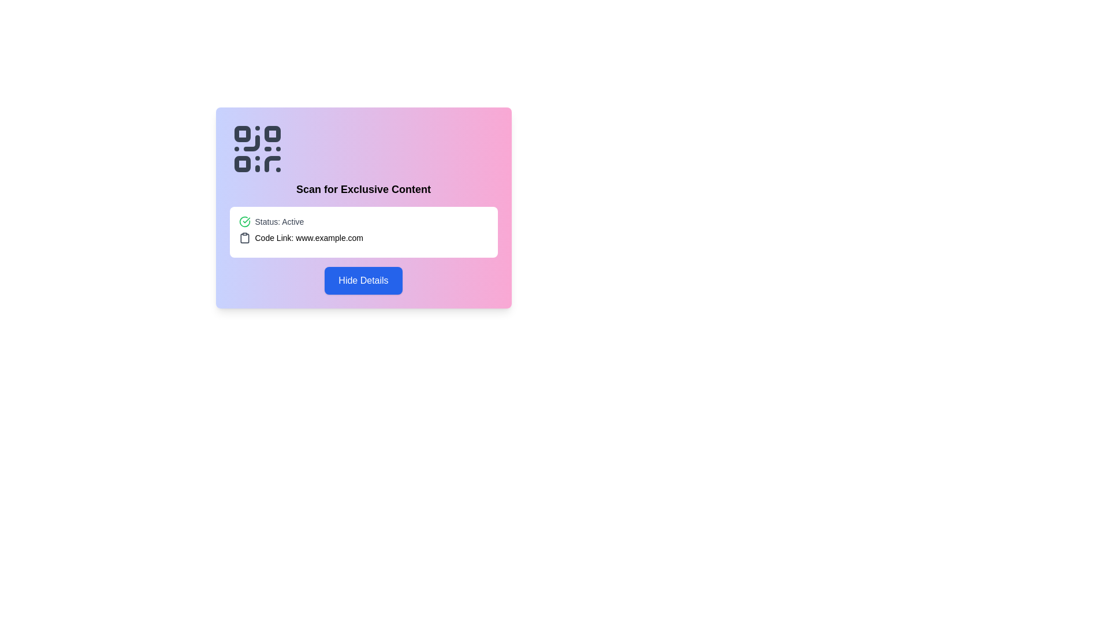 This screenshot has height=624, width=1109. Describe the element at coordinates (256, 148) in the screenshot. I see `the Image (Styled QR Code) located at the top left corner of a gradient card layout, above the text 'Scan for Exclusive Content'` at that location.